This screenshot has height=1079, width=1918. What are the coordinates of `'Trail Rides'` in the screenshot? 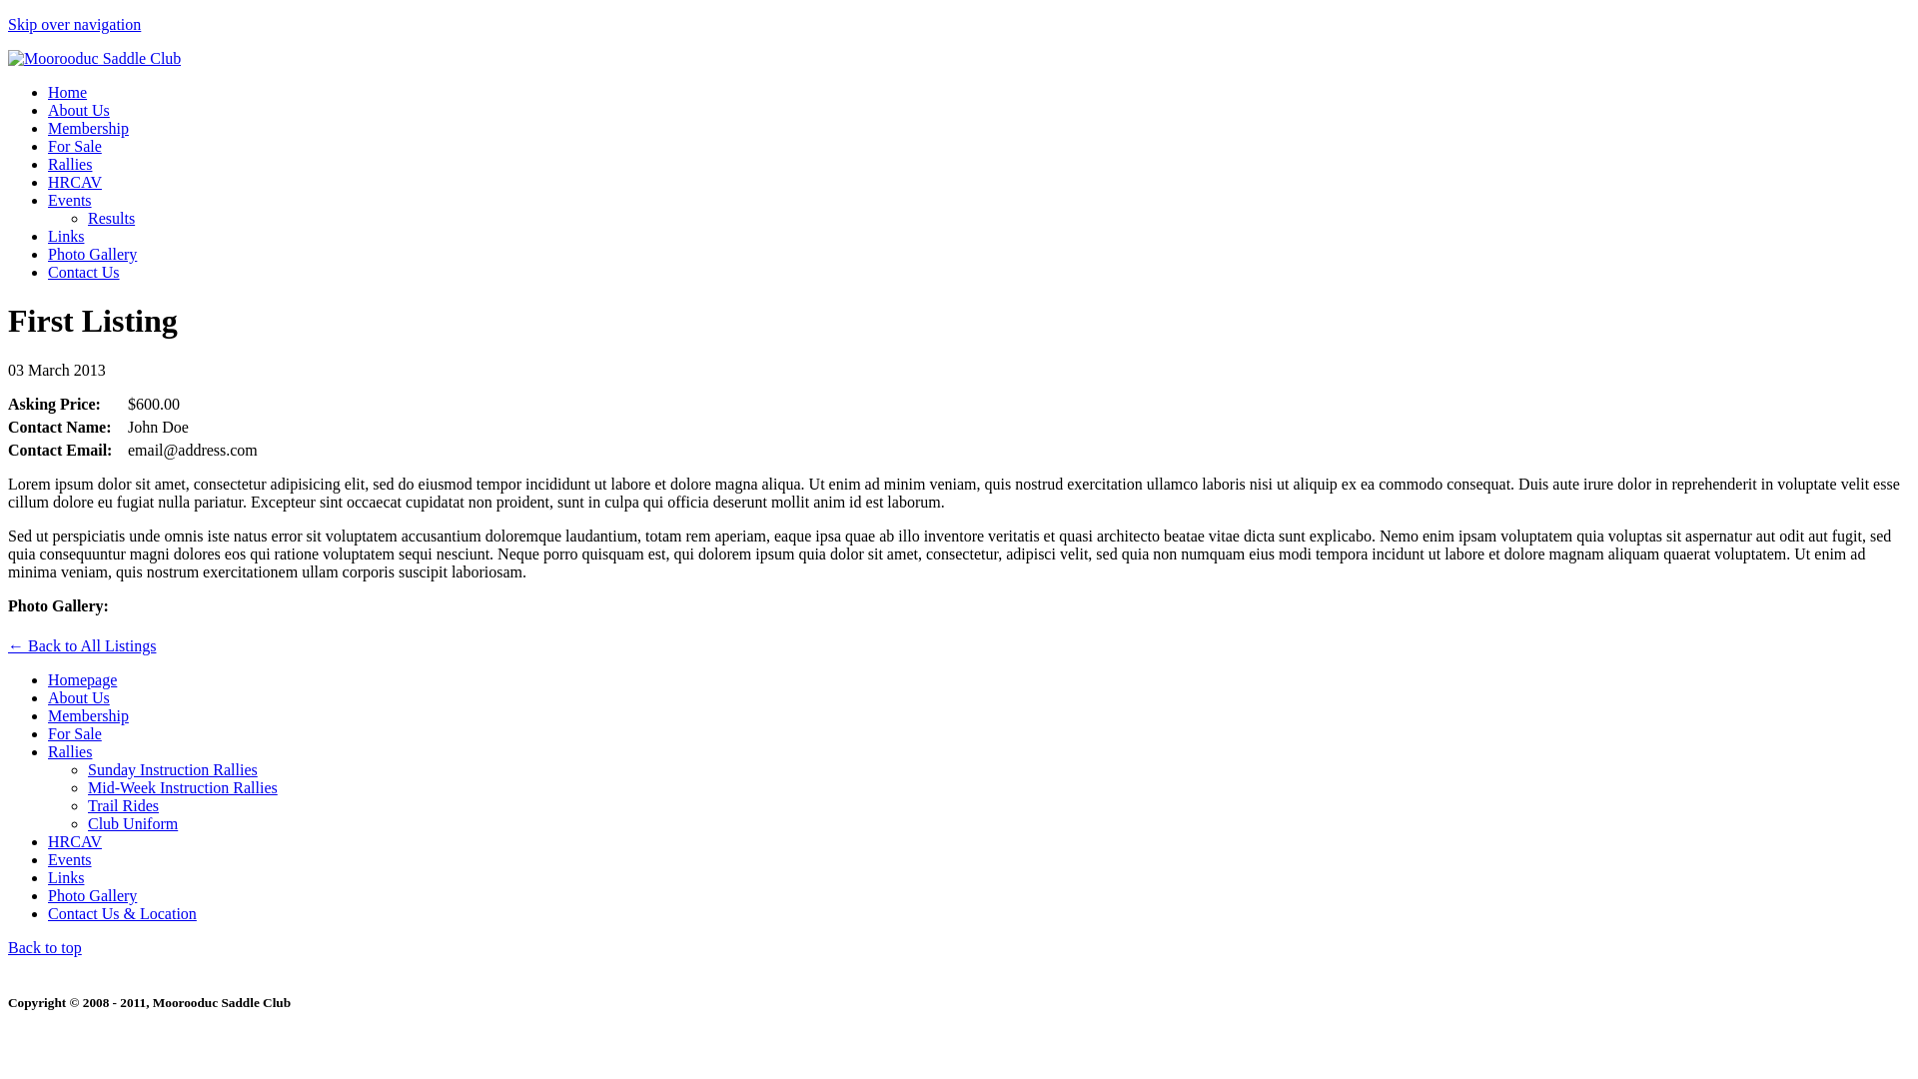 It's located at (86, 804).